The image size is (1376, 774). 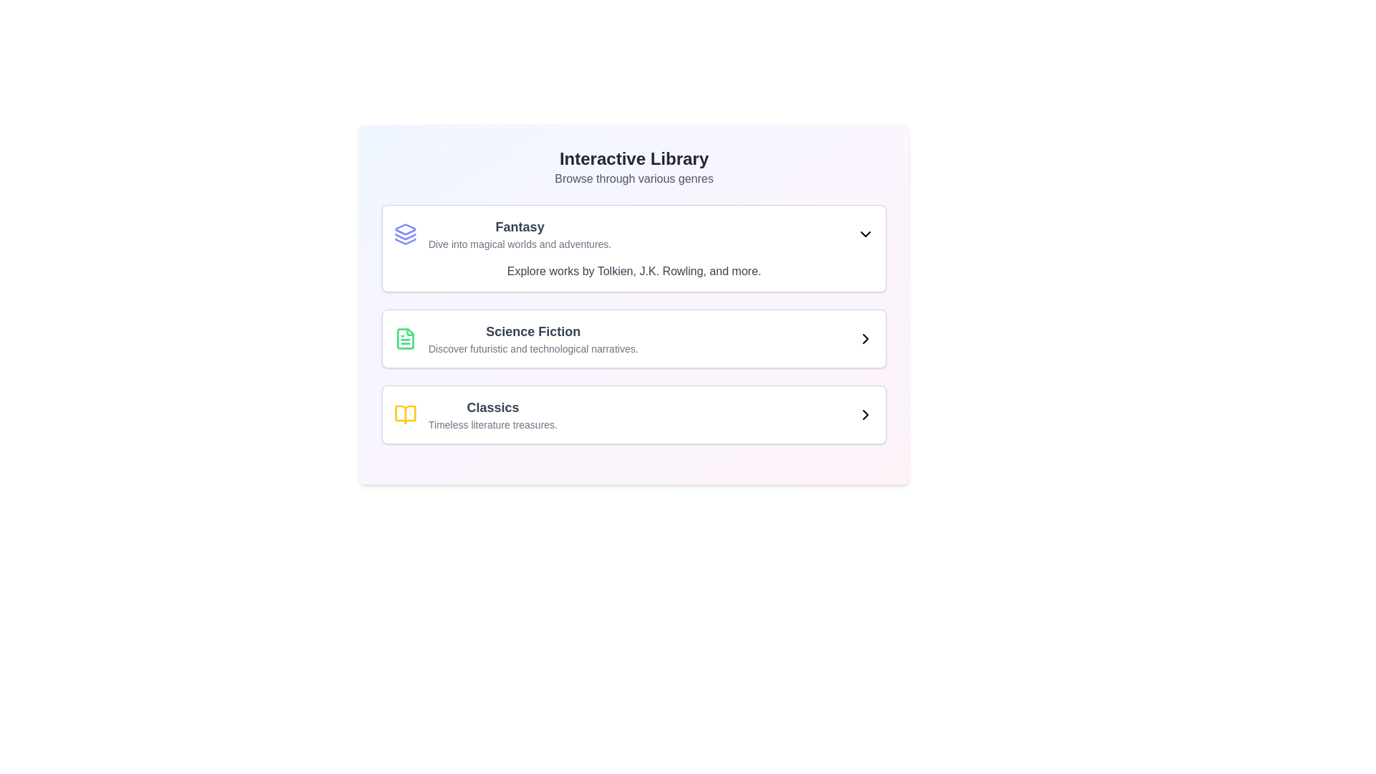 I want to click on the first List Item representing the 'Fantasy' genre in the Interactive Library, so click(x=502, y=234).